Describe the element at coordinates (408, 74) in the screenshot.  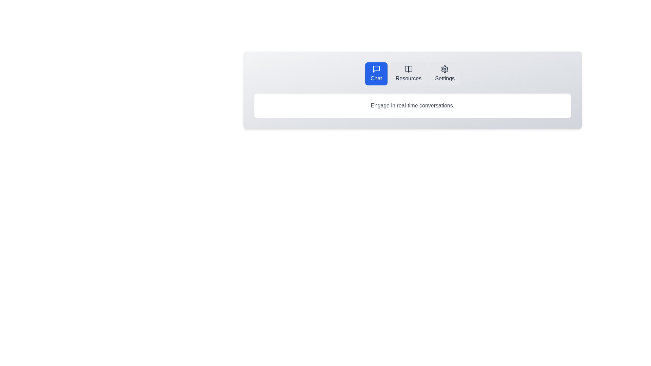
I see `the 'Resources' button, which is a rectangular button with a light gray background and a book icon above the text` at that location.